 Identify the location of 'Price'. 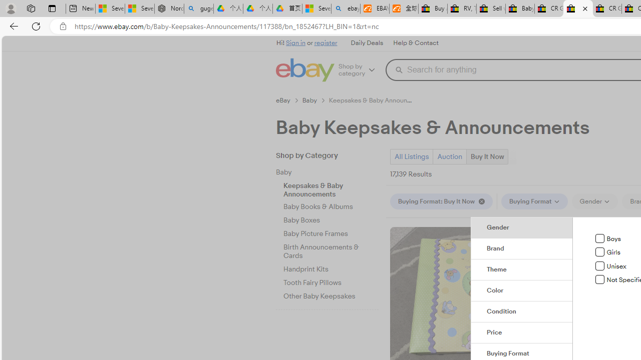
(521, 333).